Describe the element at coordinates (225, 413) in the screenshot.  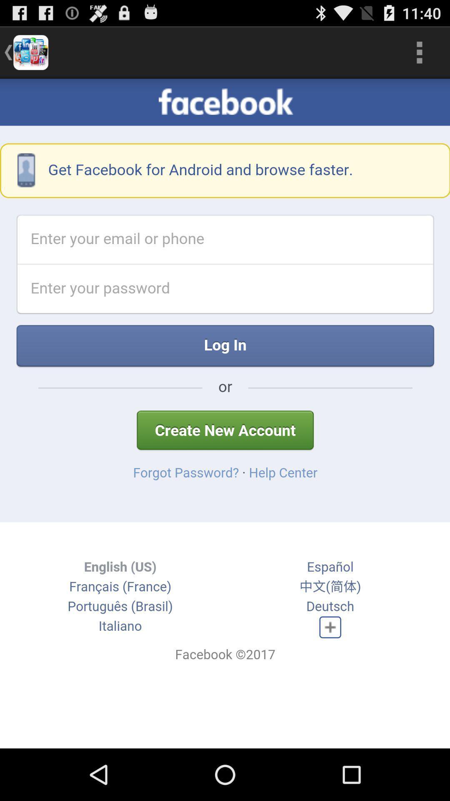
I see `facebook option` at that location.